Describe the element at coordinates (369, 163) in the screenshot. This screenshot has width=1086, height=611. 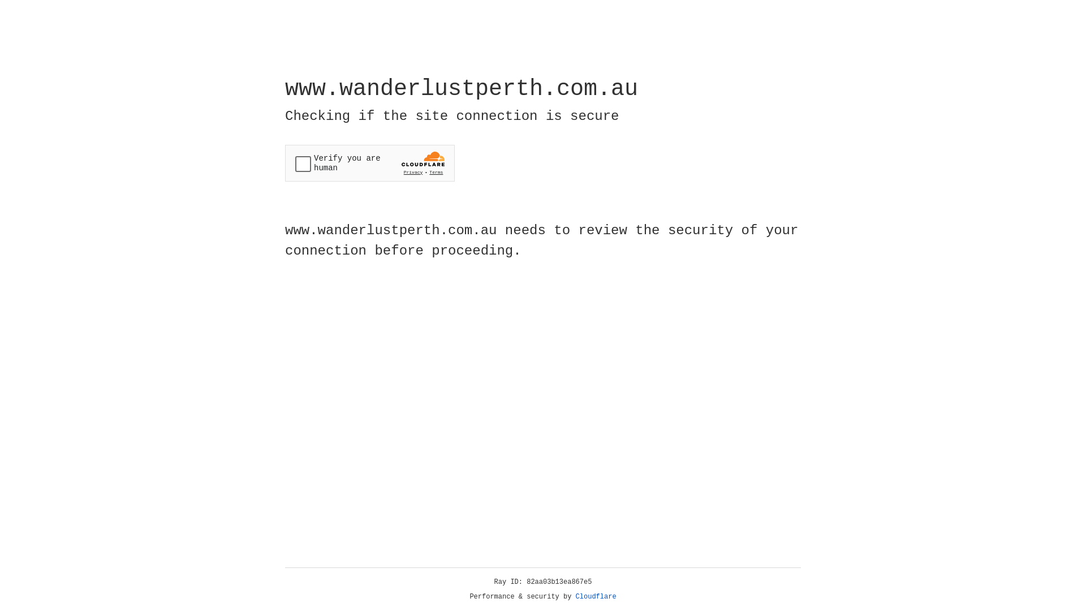
I see `'Widget containing a Cloudflare security challenge'` at that location.